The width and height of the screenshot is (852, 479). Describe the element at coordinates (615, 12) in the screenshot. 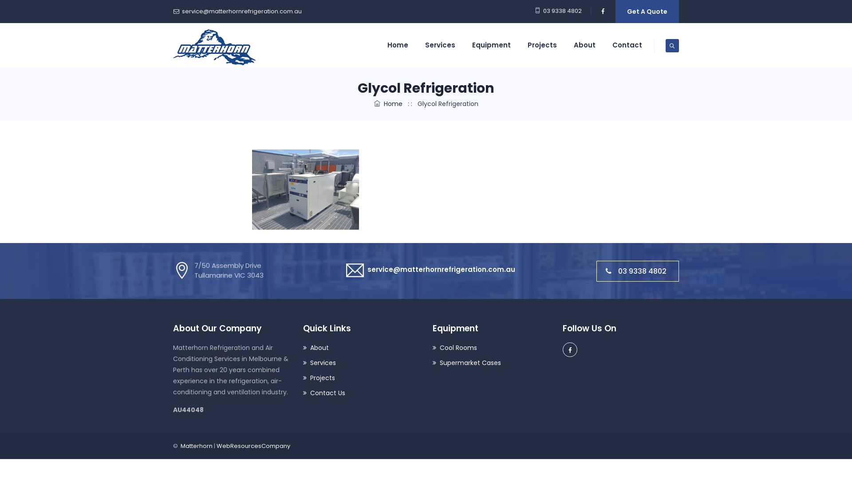

I see `'Get A Quote'` at that location.